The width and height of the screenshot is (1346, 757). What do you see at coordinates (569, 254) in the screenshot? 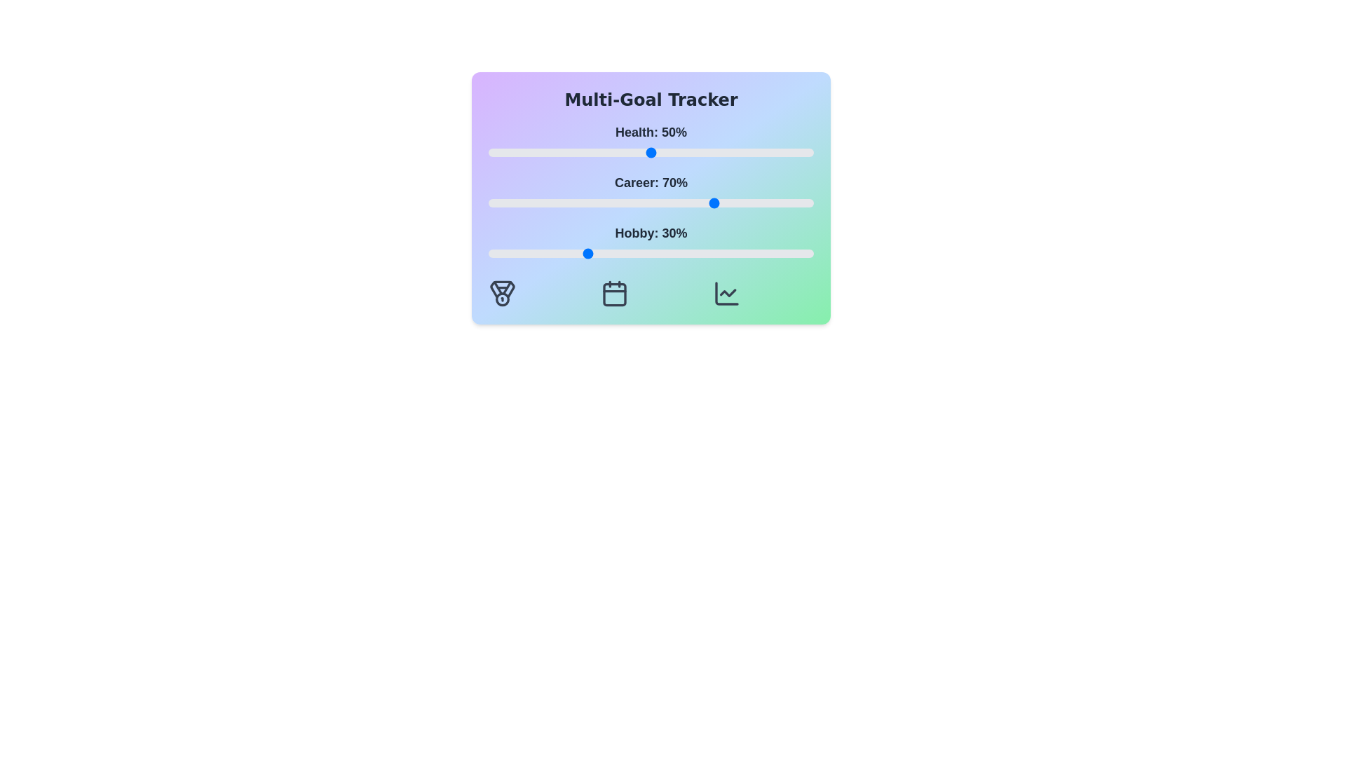
I see `the 'Hobby' slider to 25%` at bounding box center [569, 254].